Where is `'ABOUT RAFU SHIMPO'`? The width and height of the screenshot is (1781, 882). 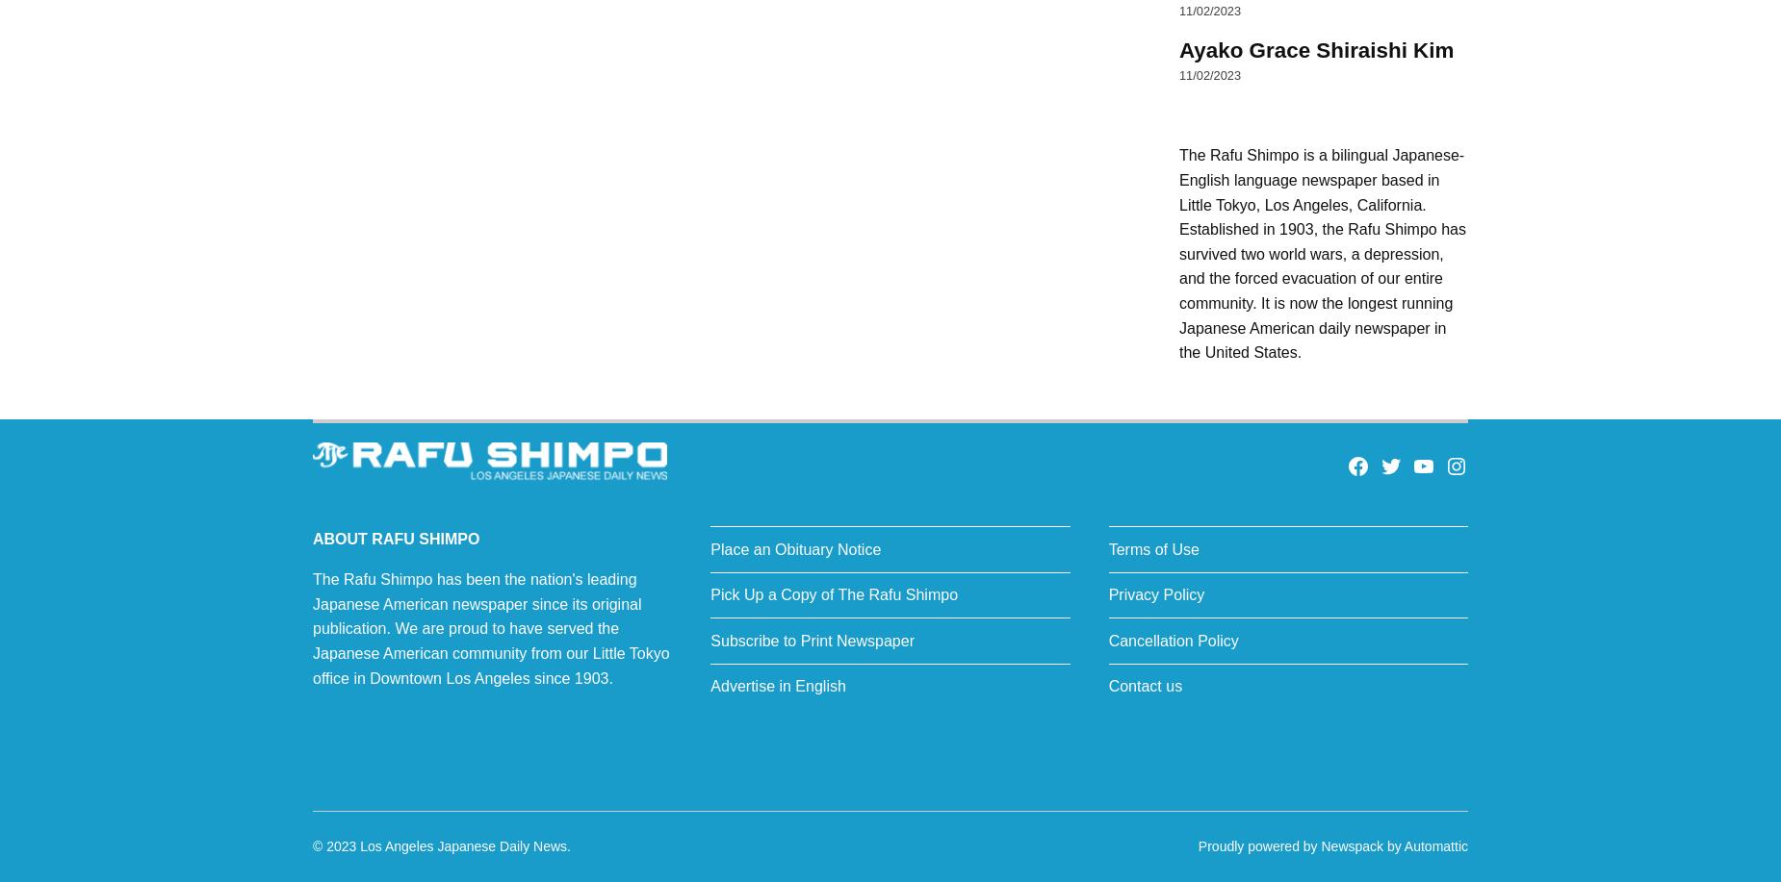 'ABOUT RAFU SHIMPO' is located at coordinates (395, 539).